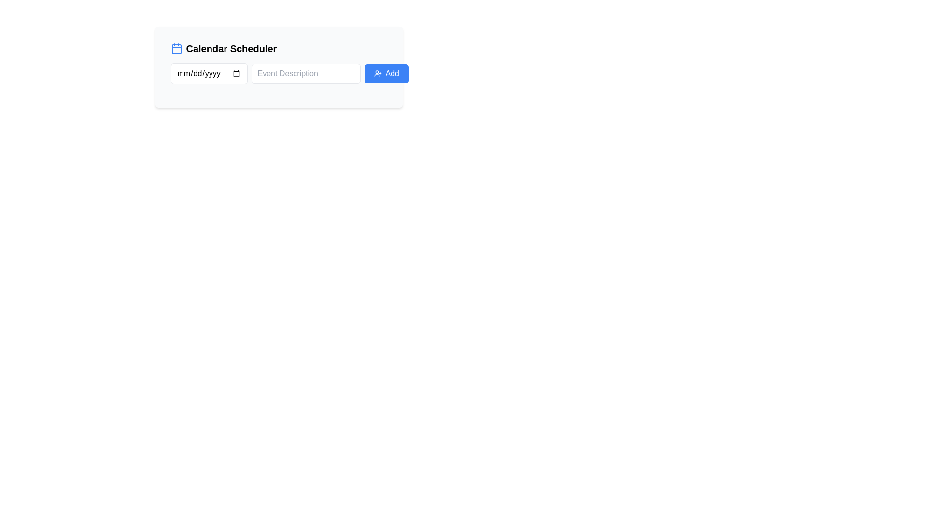 The width and height of the screenshot is (927, 521). What do you see at coordinates (305, 73) in the screenshot?
I see `the text input field labeled 'Event Description', which is styled with a light border and rounded corners` at bounding box center [305, 73].